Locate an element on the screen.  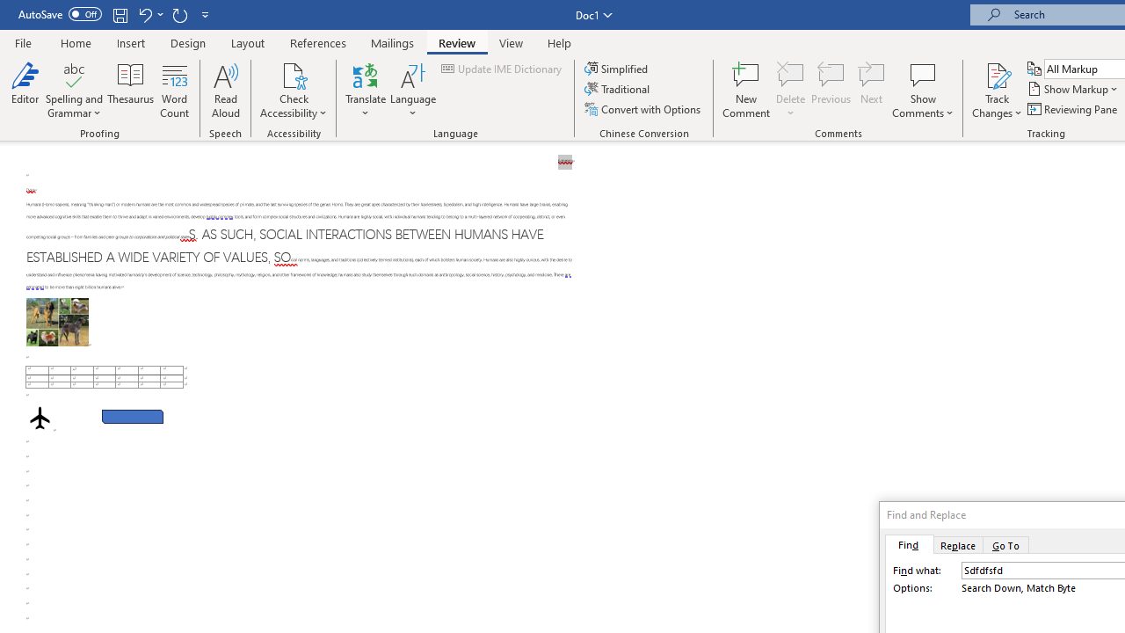
'Read Aloud' is located at coordinates (224, 91).